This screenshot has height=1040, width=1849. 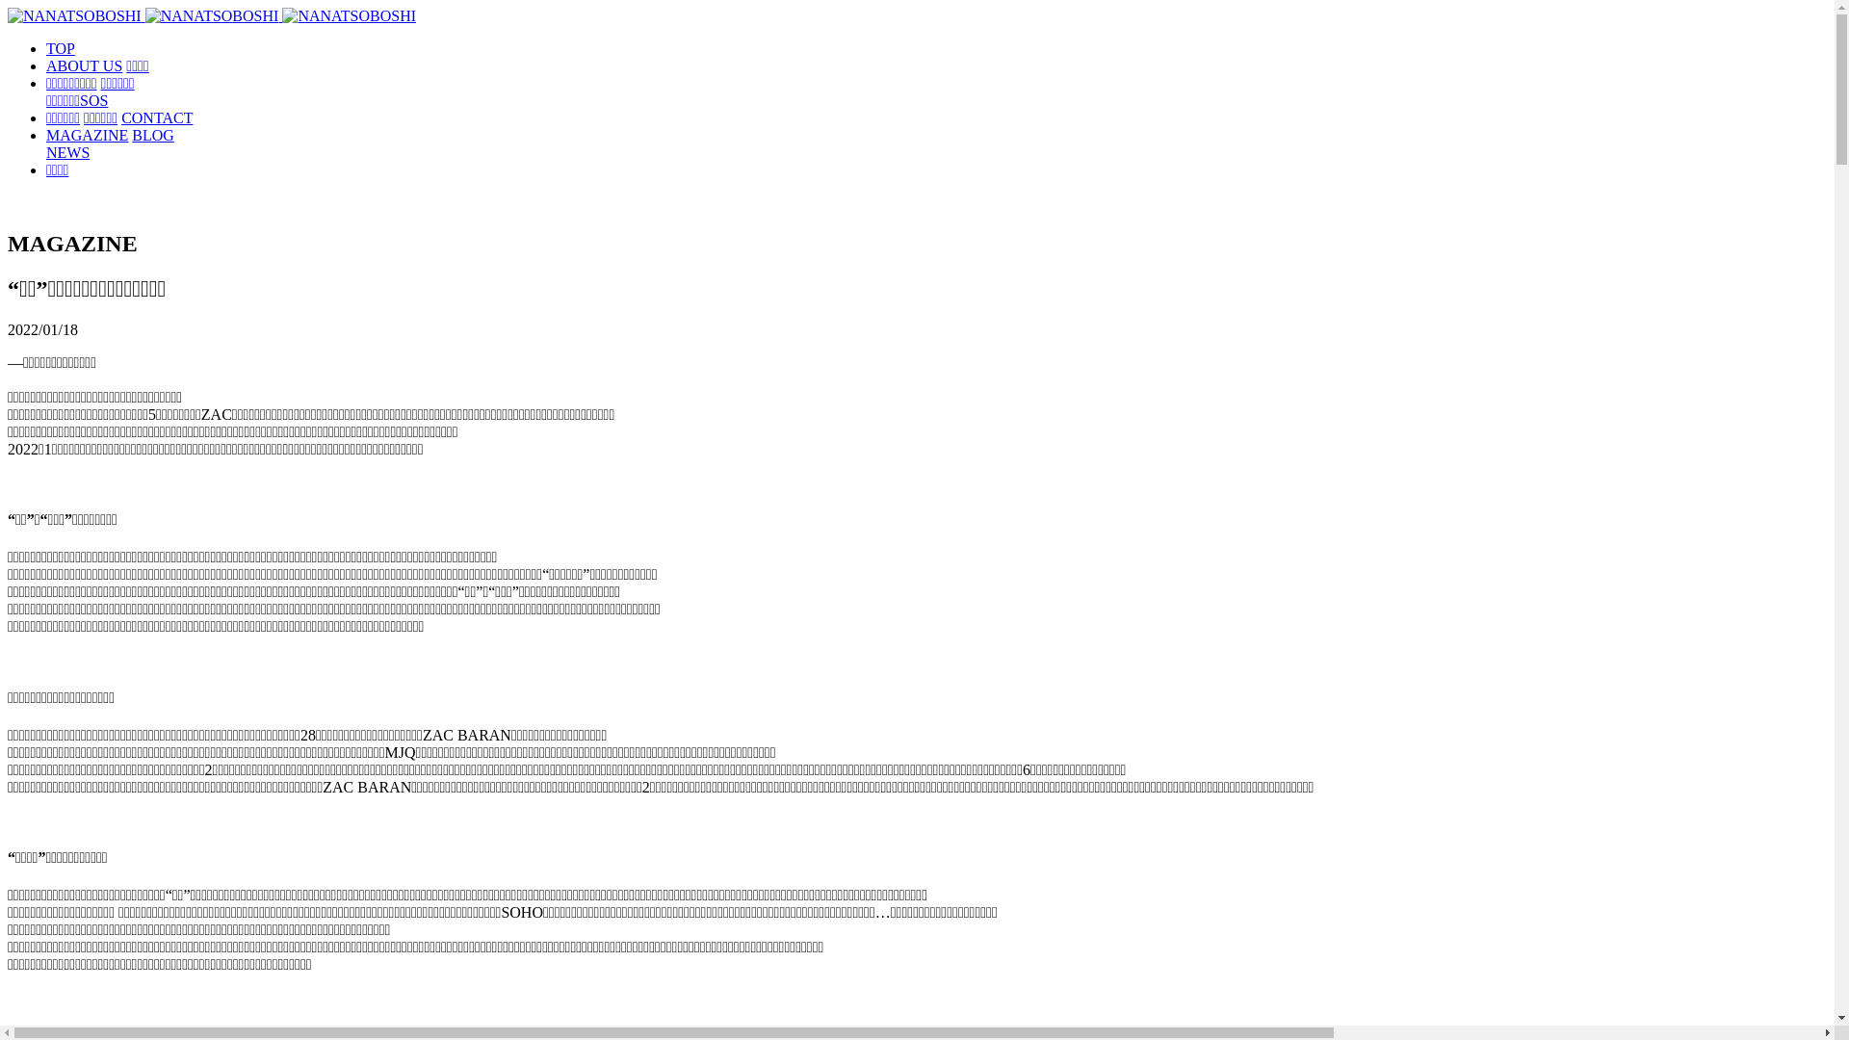 What do you see at coordinates (60, 47) in the screenshot?
I see `'TOP'` at bounding box center [60, 47].